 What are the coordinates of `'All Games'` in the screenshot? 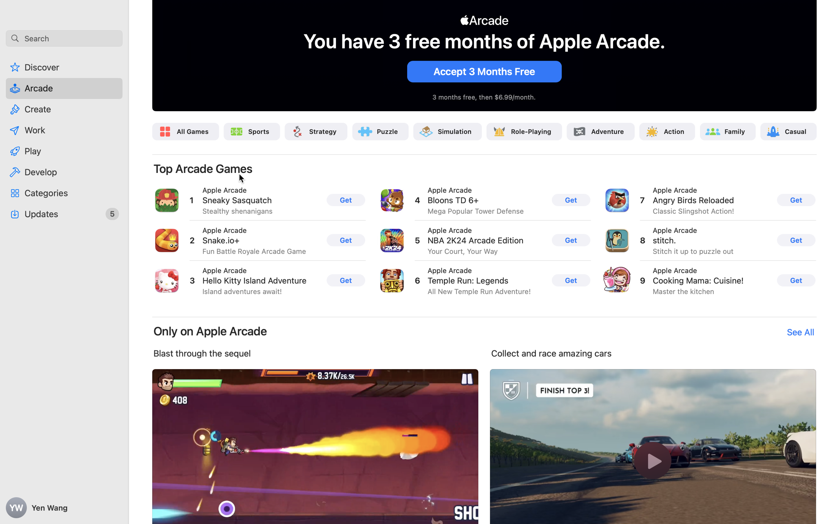 It's located at (193, 131).